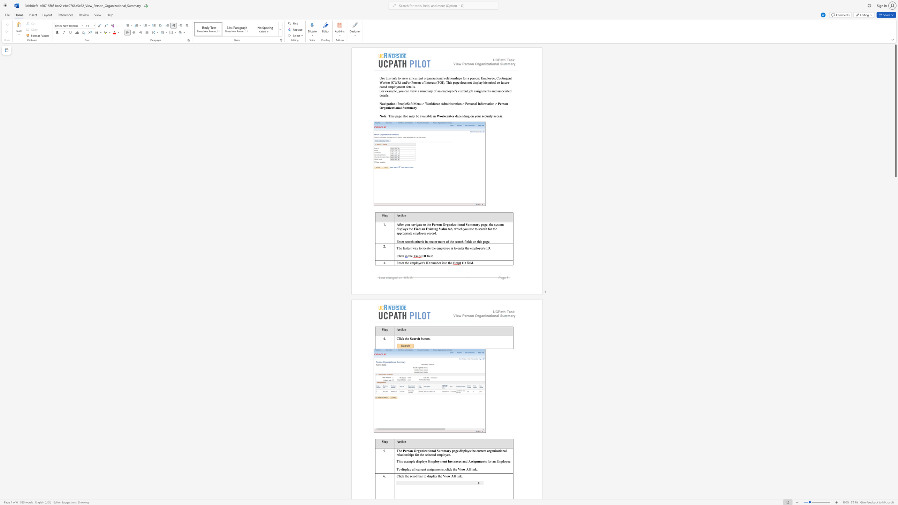  What do you see at coordinates (428, 224) in the screenshot?
I see `the space between the continuous character "t" and "h" in the text` at bounding box center [428, 224].